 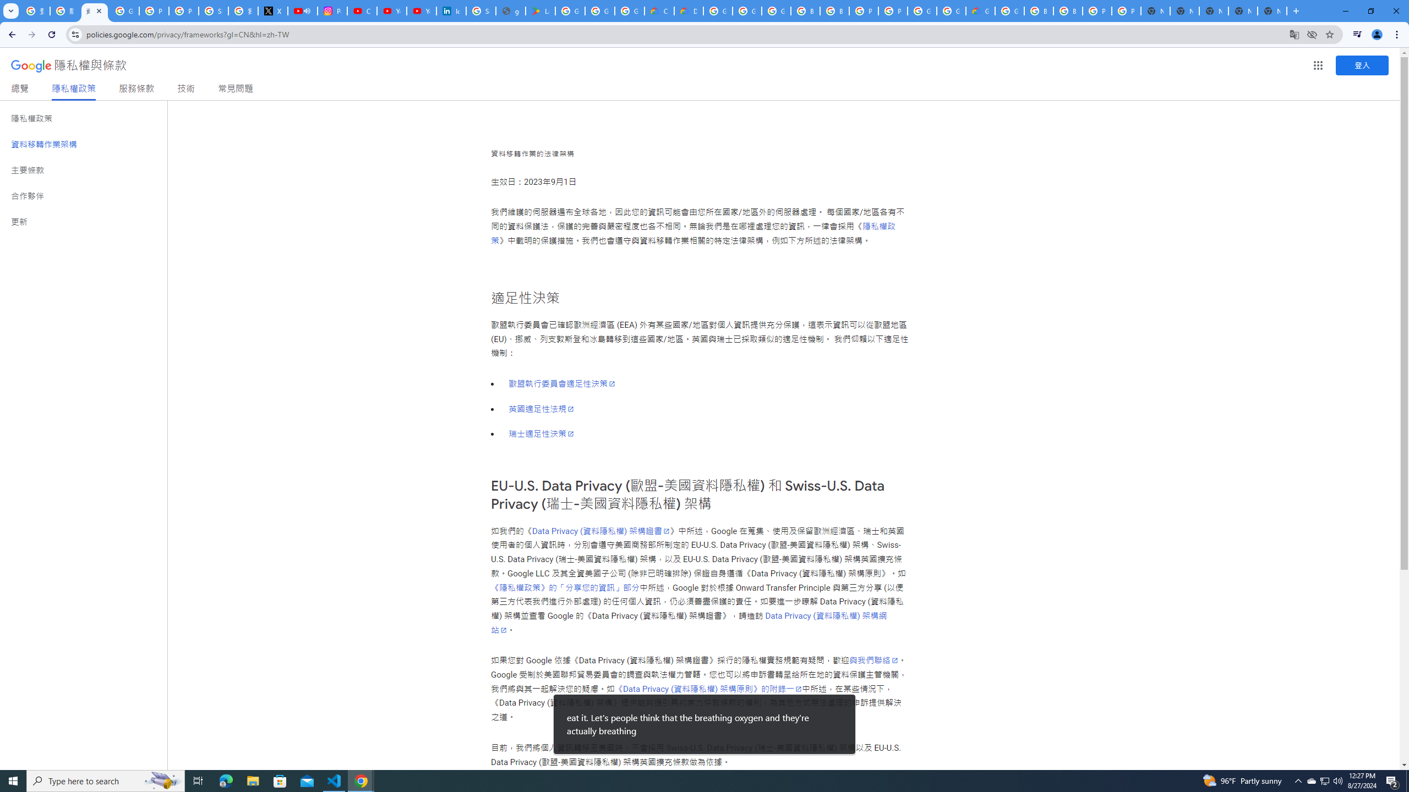 I want to click on 'Sign in - Google Accounts', so click(x=214, y=10).